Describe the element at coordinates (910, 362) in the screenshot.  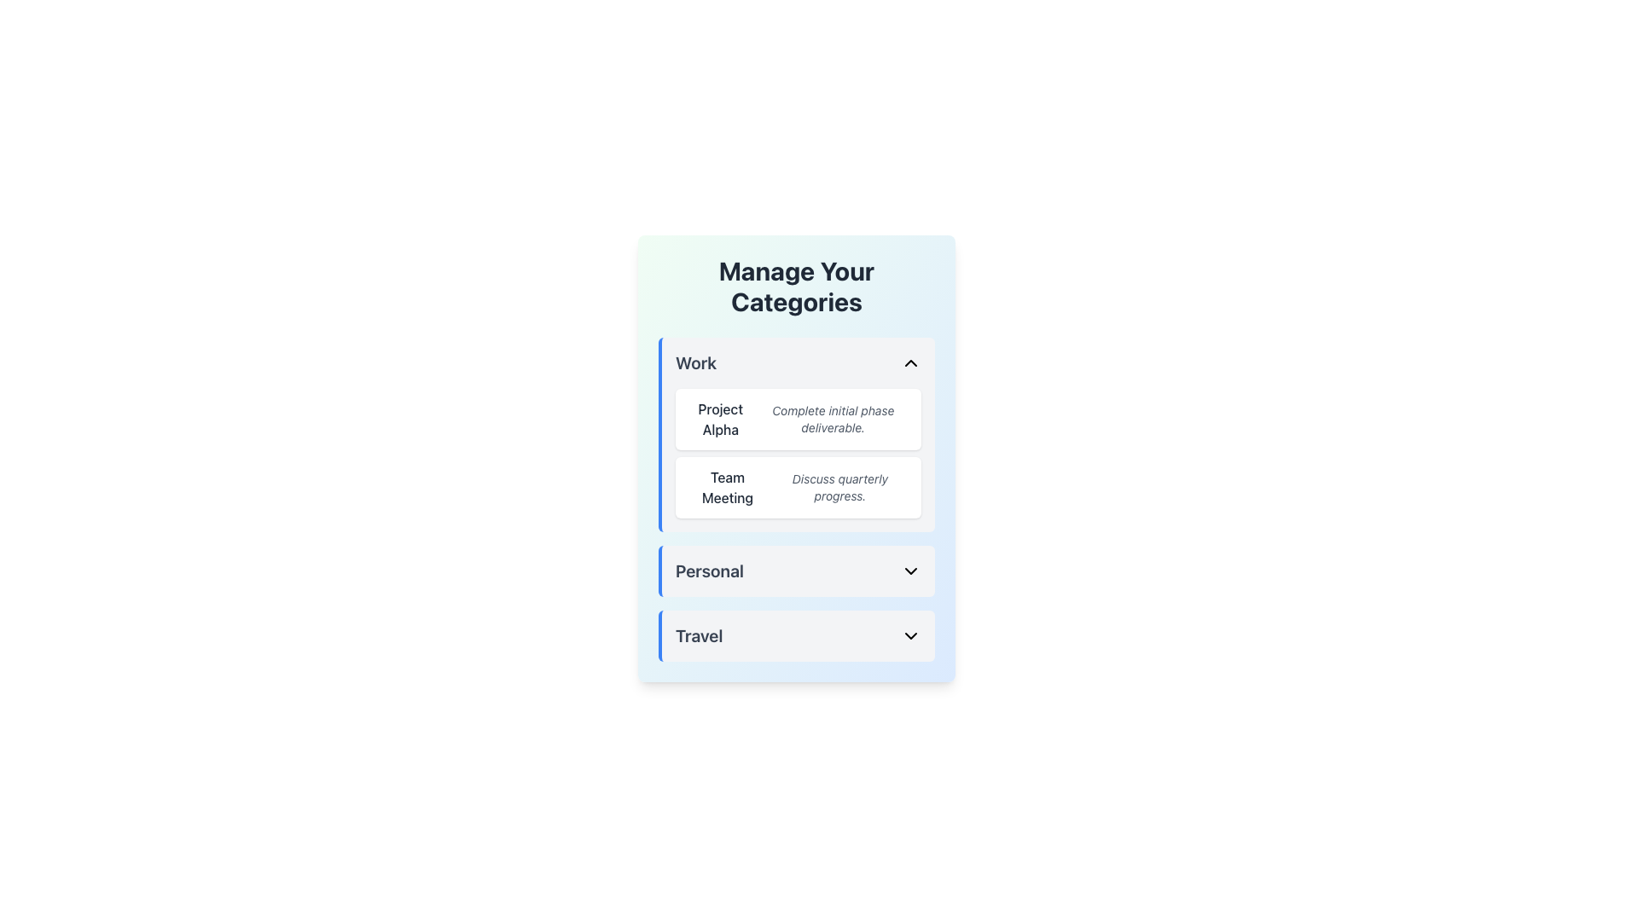
I see `the dropdown toggle button located at the far right end of the 'Work' header section` at that location.